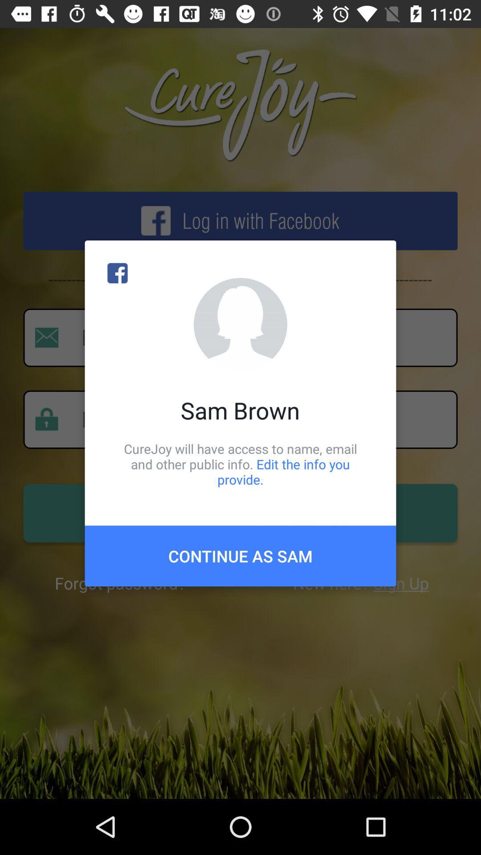 The height and width of the screenshot is (855, 481). Describe the element at coordinates (240, 464) in the screenshot. I see `the icon above the continue as sam item` at that location.